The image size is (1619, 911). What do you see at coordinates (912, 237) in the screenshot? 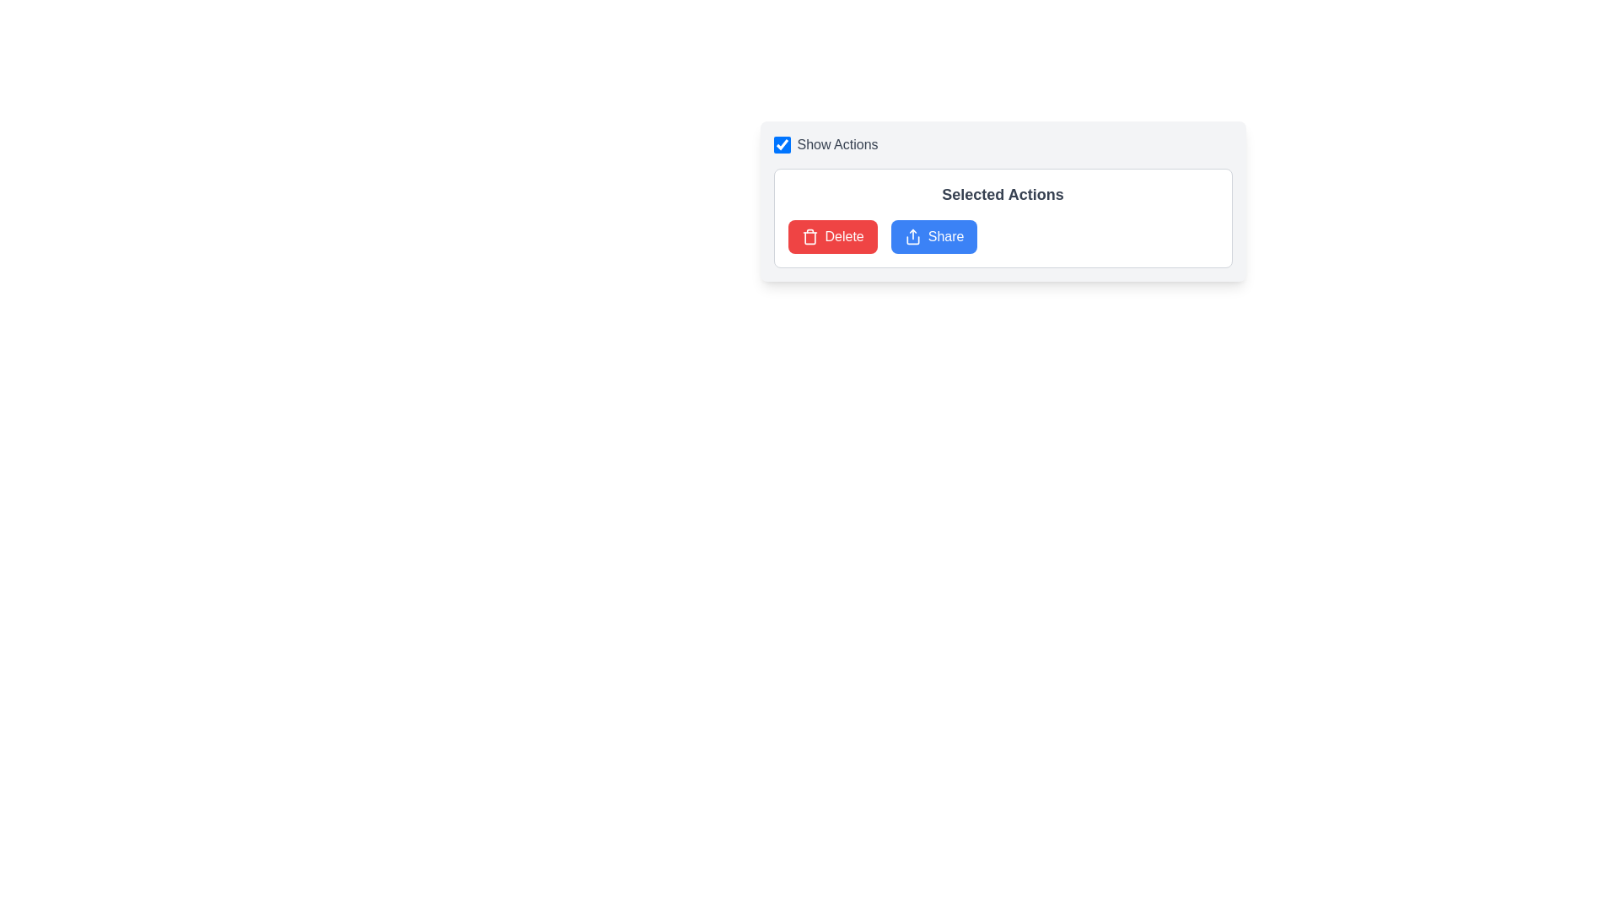
I see `the SVG icon representing the sharing action` at bounding box center [912, 237].